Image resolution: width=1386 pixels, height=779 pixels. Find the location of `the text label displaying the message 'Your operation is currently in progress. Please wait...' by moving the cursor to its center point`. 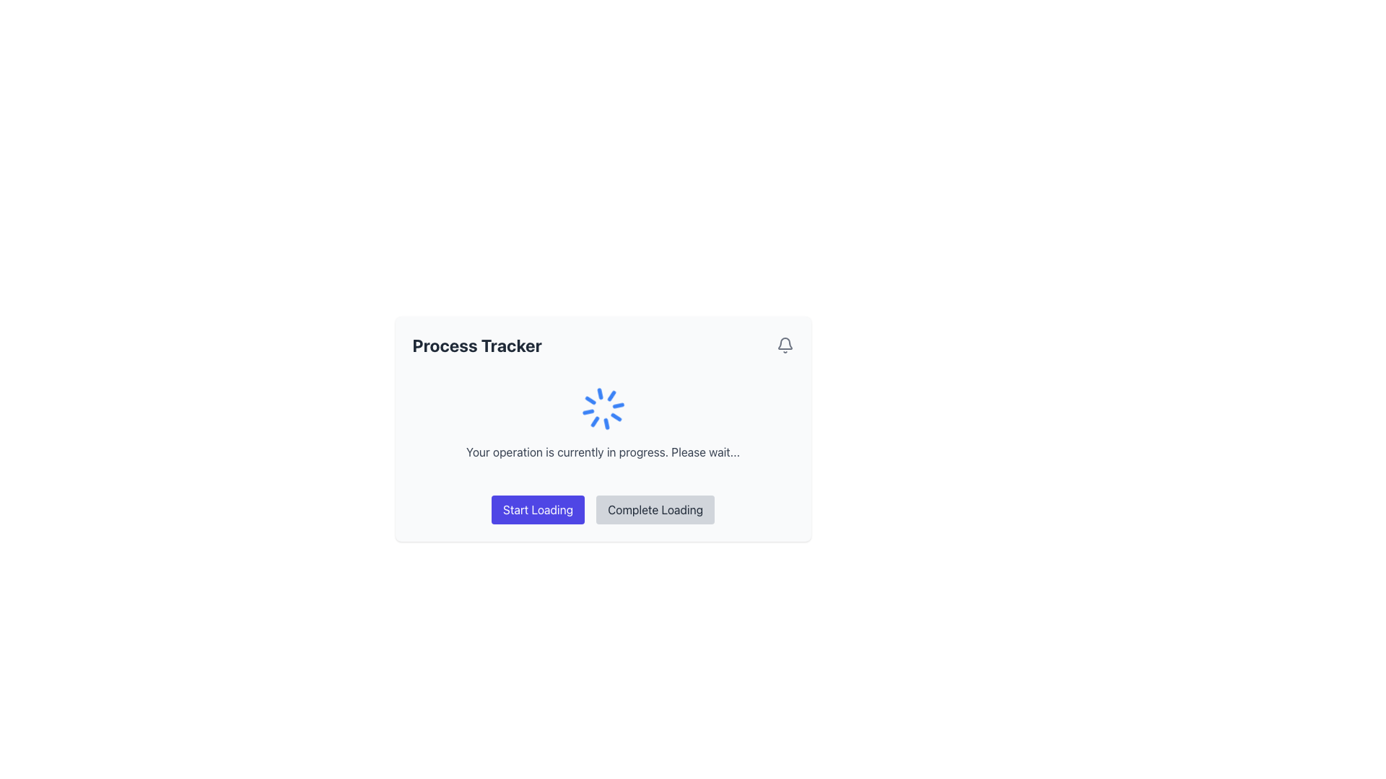

the text label displaying the message 'Your operation is currently in progress. Please wait...' by moving the cursor to its center point is located at coordinates (603, 452).